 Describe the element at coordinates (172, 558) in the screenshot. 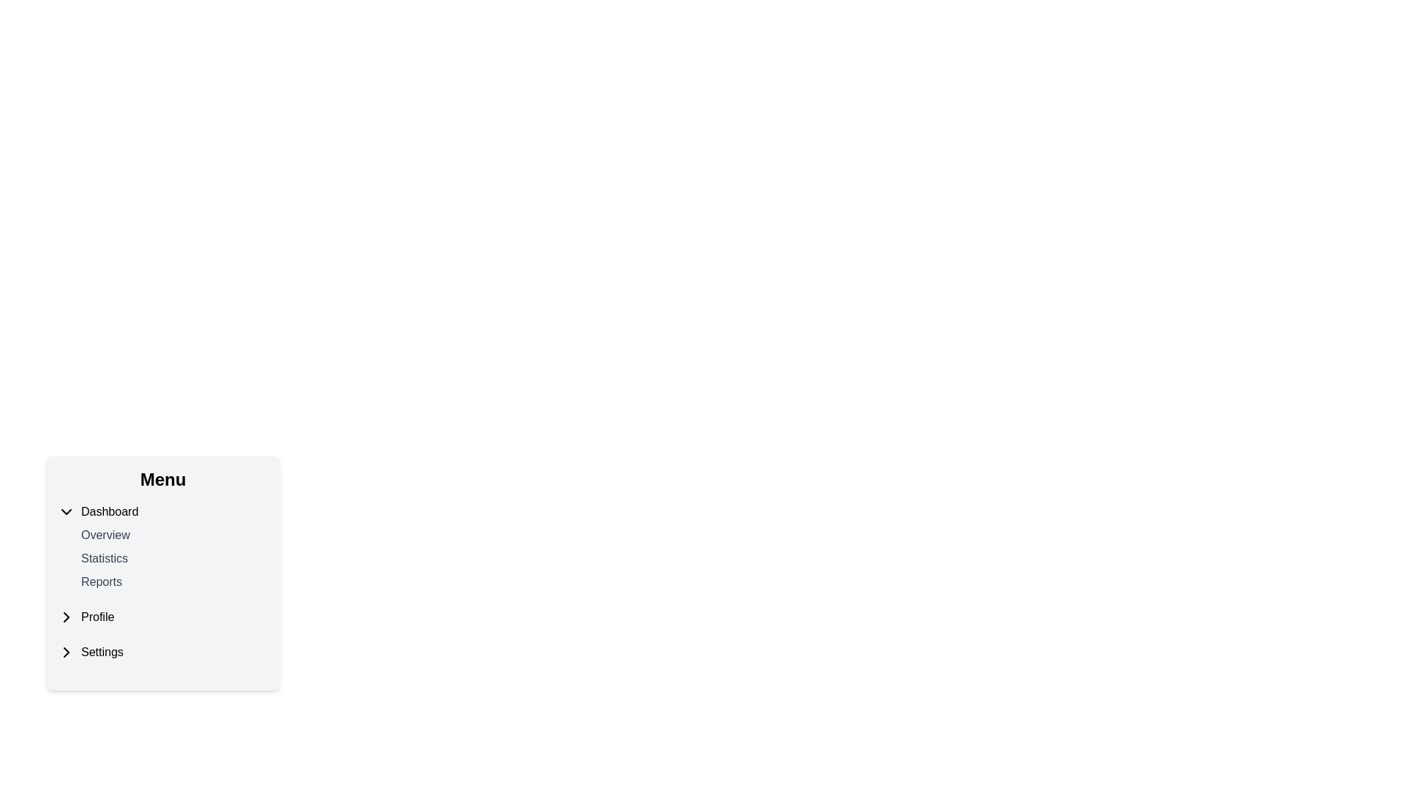

I see `the 'Reports' link in the vertical menu group located under the 'Dashboard' section` at that location.